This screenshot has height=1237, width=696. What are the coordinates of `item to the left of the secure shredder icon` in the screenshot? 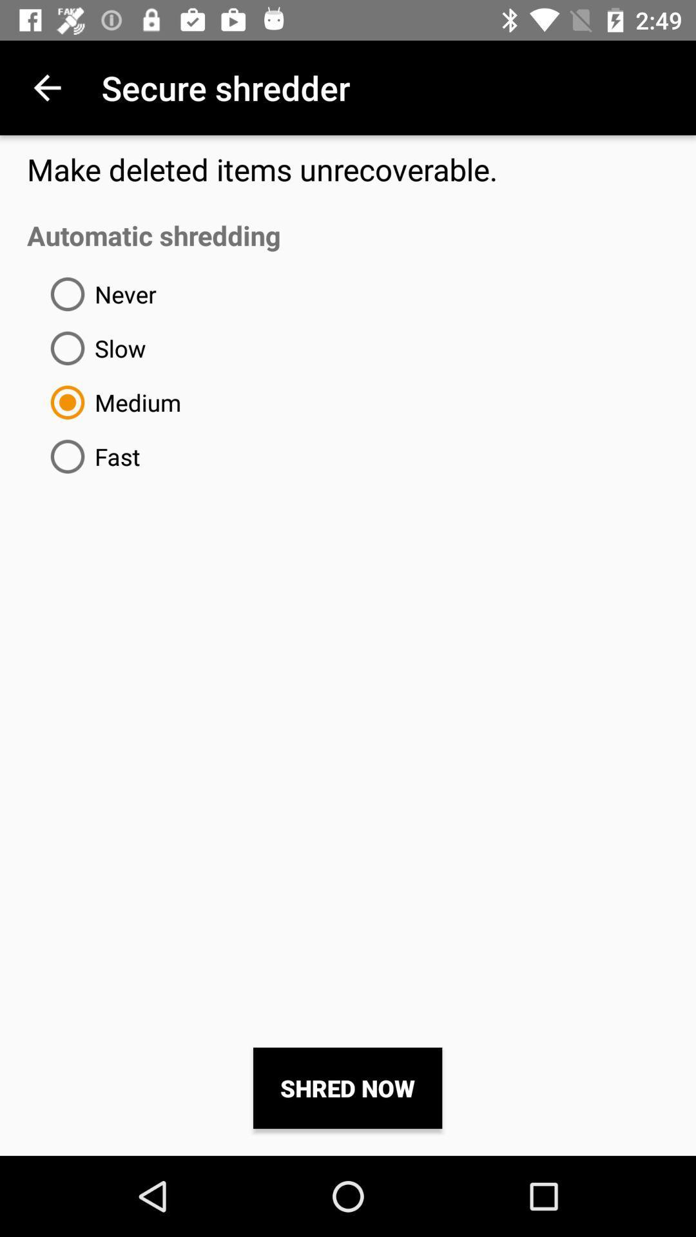 It's located at (46, 87).